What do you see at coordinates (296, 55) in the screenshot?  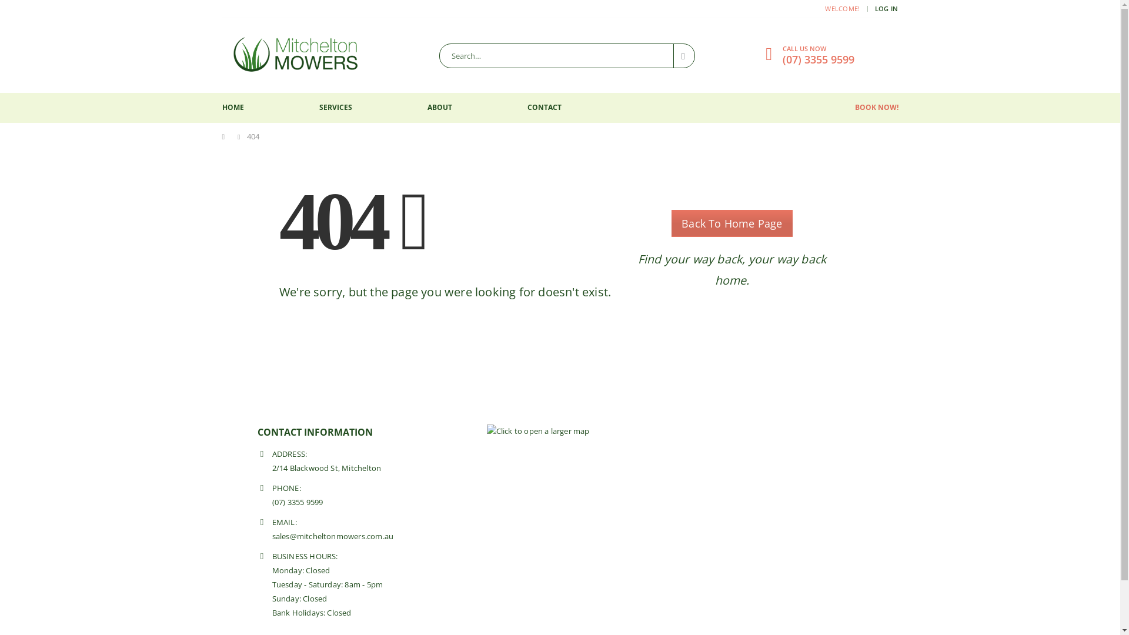 I see `'Mitchelton Mowers - Your Local Mower Store'` at bounding box center [296, 55].